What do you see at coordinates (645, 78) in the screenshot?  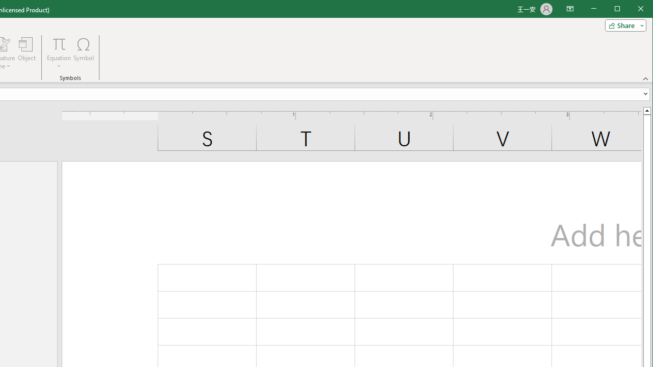 I see `'Collapse the Ribbon'` at bounding box center [645, 78].